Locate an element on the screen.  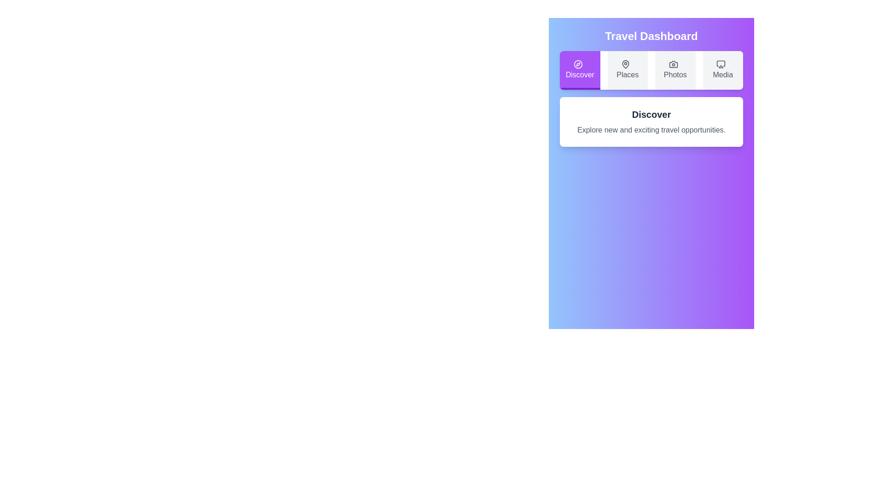
the Photos tab is located at coordinates (675, 70).